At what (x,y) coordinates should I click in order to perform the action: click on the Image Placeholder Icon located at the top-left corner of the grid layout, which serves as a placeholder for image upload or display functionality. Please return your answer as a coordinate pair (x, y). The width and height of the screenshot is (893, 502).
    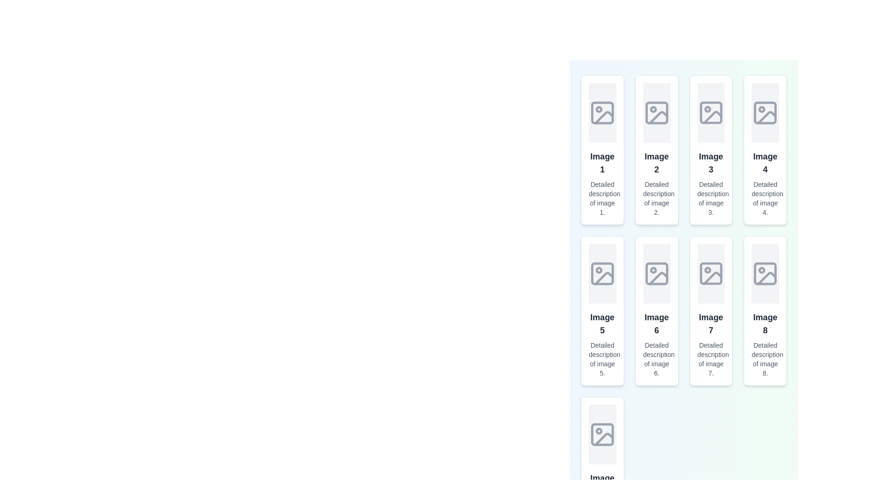
    Looking at the image, I should click on (602, 112).